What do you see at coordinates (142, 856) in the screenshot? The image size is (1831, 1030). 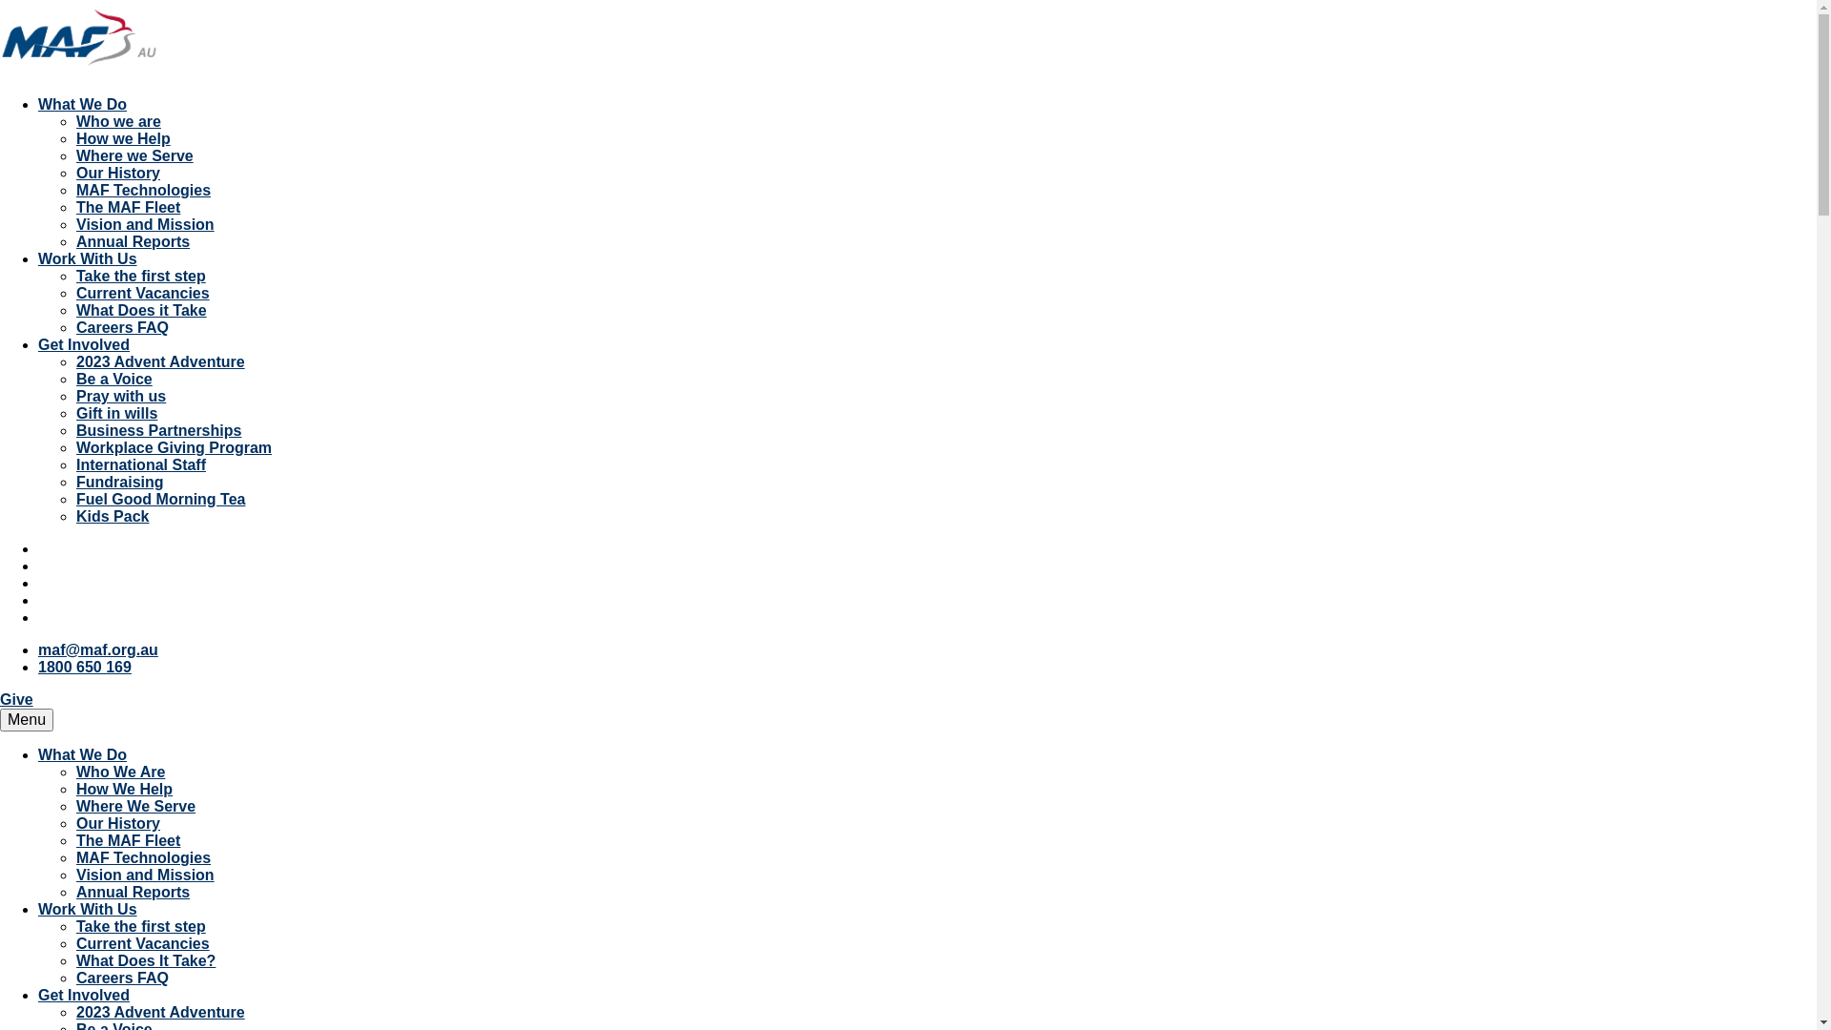 I see `'MAF Technologies'` at bounding box center [142, 856].